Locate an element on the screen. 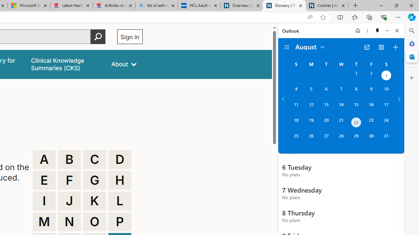  'Saturday, August 17, 2024. ' is located at coordinates (386, 107).